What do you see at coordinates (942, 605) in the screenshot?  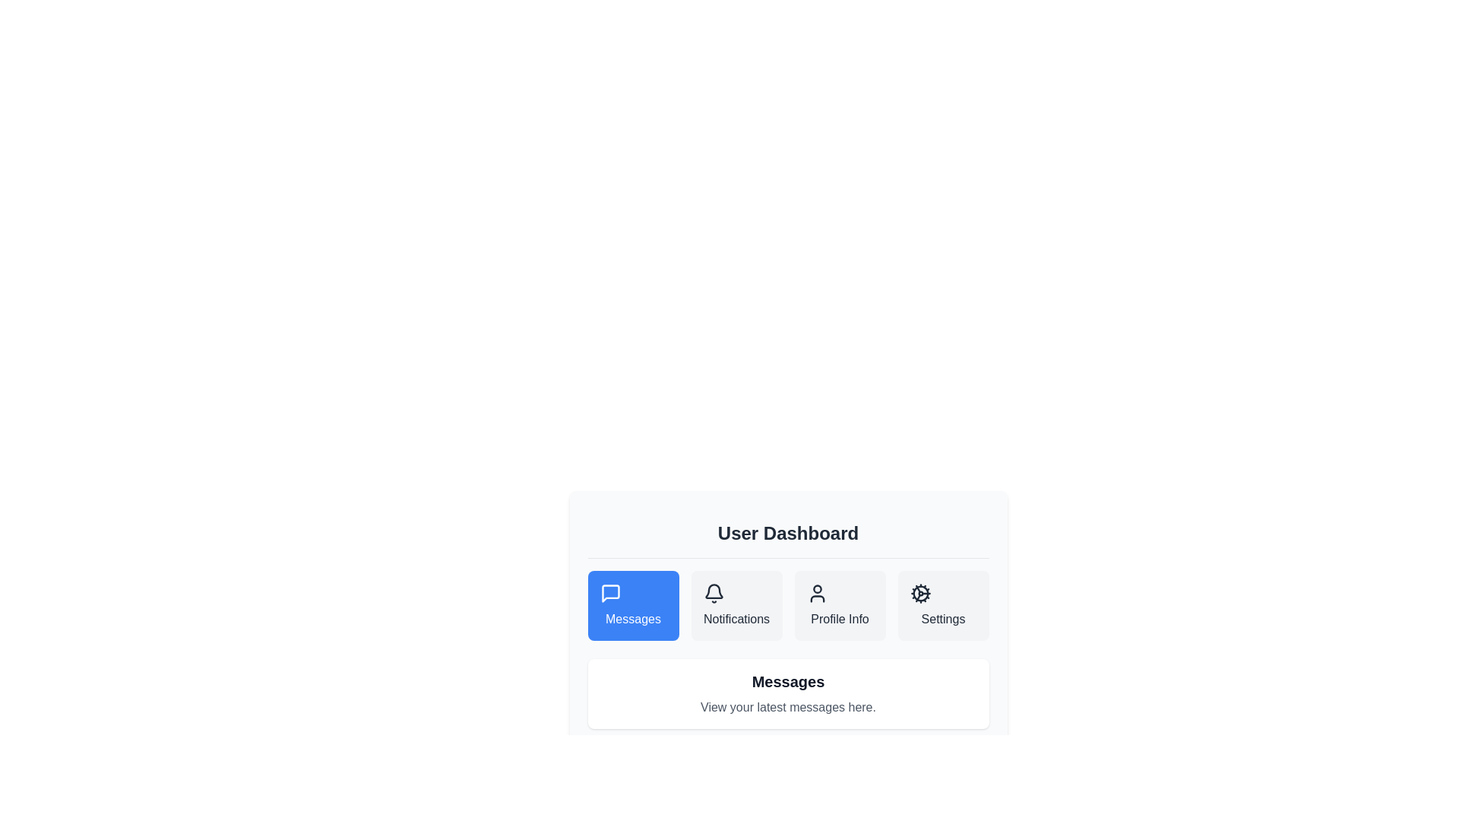 I see `the Settings section by clicking on the corresponding tab button` at bounding box center [942, 605].